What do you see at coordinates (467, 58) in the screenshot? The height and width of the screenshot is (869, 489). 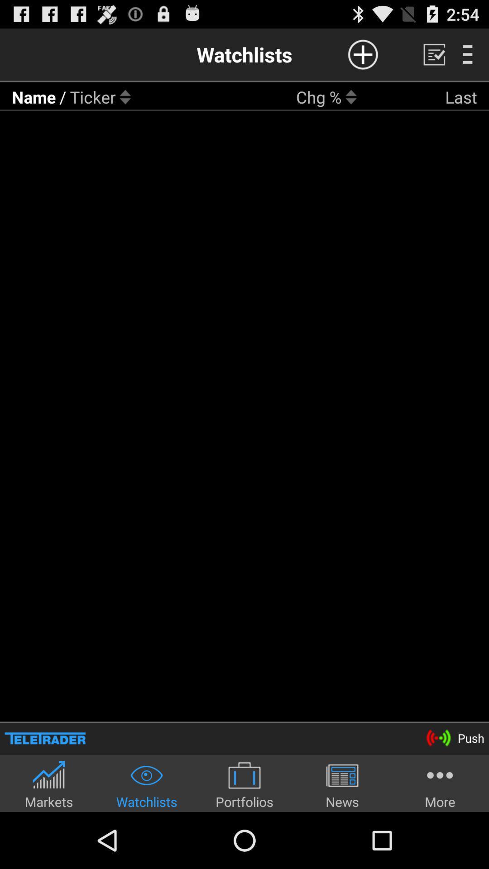 I see `the menu icon` at bounding box center [467, 58].